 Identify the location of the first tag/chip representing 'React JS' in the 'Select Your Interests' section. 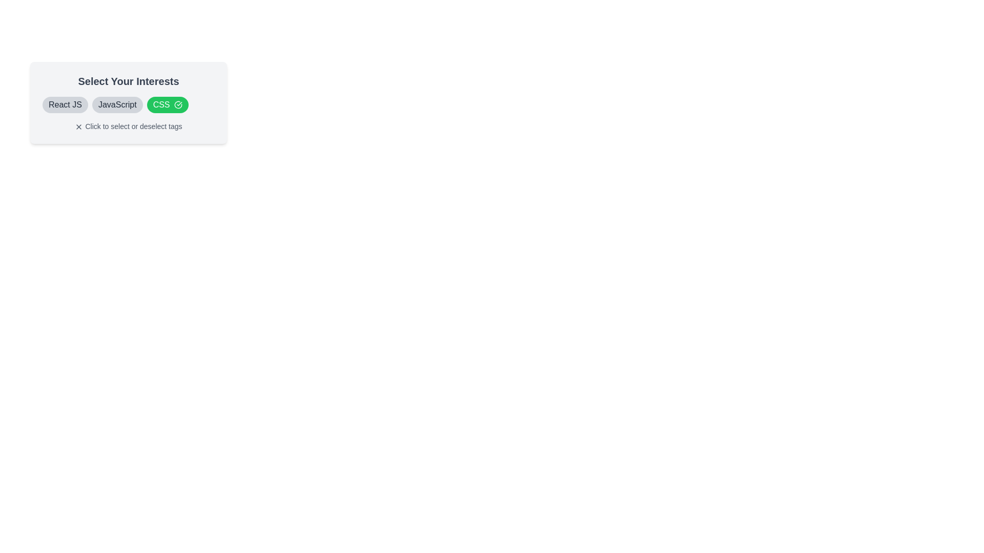
(65, 104).